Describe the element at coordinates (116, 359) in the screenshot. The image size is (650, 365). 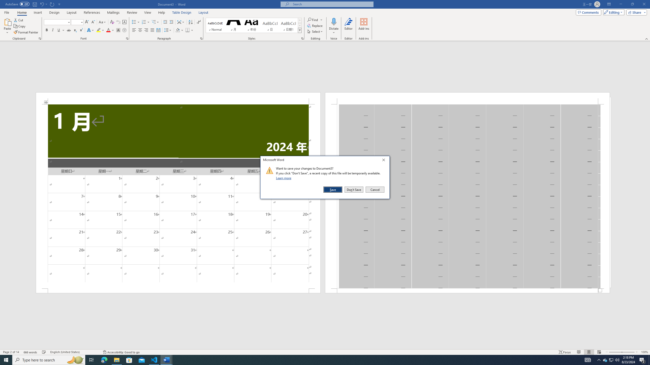
I see `'File Explorer - 1 running window'` at that location.